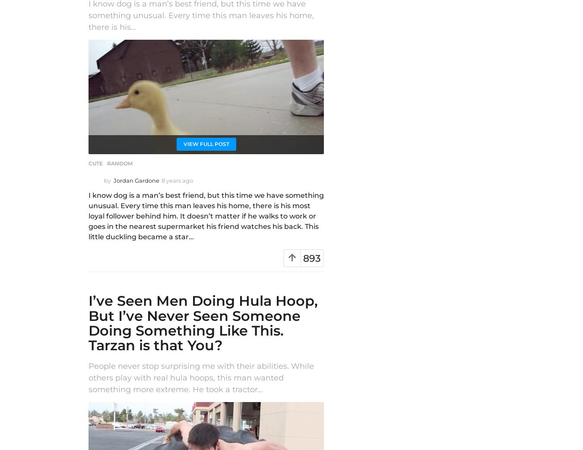 This screenshot has width=583, height=450. Describe the element at coordinates (205, 144) in the screenshot. I see `'View Full Post'` at that location.